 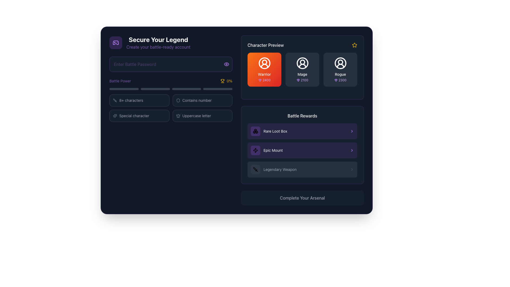 I want to click on the decorative icon representing the 'Rogue' character located in the 'Character Preview' section, centered above the text 'Rogue' and the badge '2300', so click(x=340, y=63).